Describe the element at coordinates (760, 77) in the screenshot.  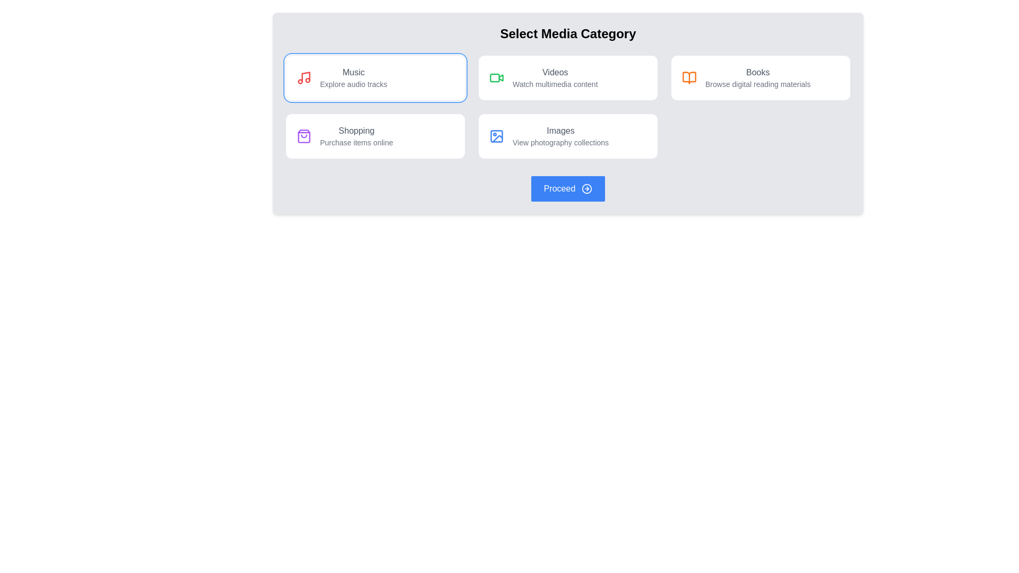
I see `the navigation card for exploring digital reading materials, located at the top-right of the grid layout, third card in the first row` at that location.